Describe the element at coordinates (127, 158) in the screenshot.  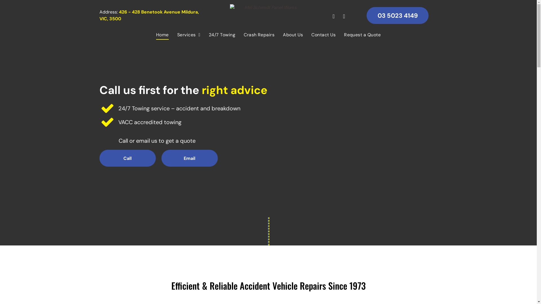
I see `'Call'` at that location.